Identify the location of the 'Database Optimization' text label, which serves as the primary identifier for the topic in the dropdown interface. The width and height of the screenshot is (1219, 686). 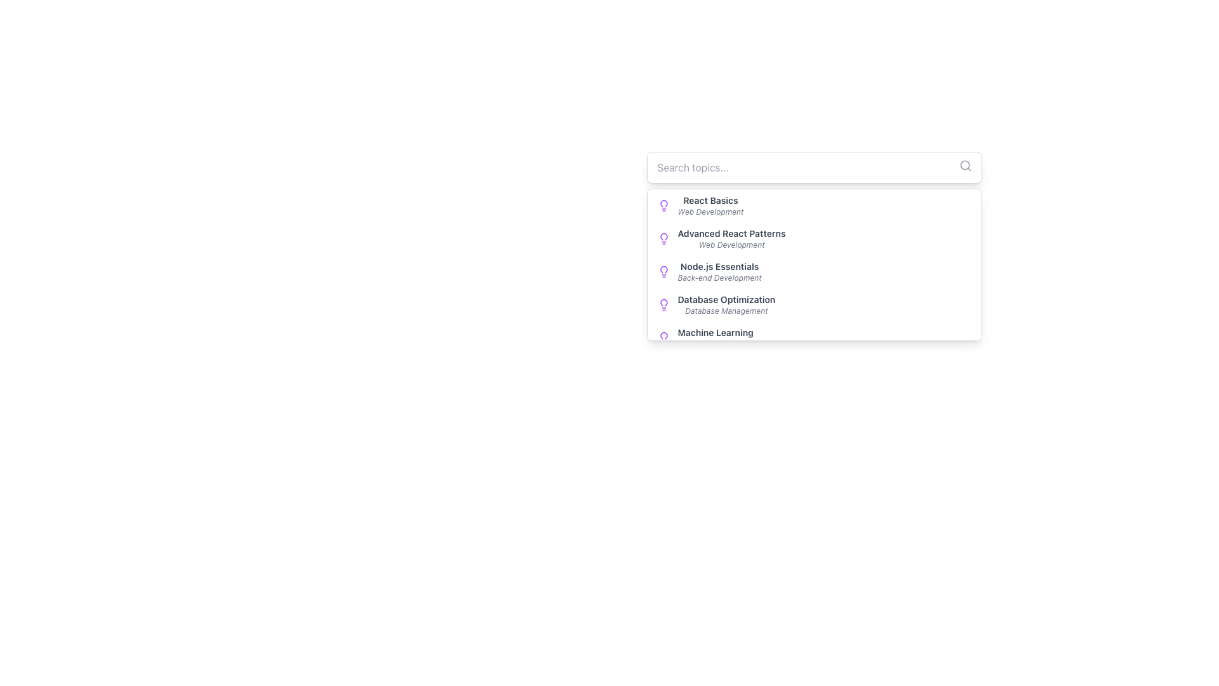
(726, 299).